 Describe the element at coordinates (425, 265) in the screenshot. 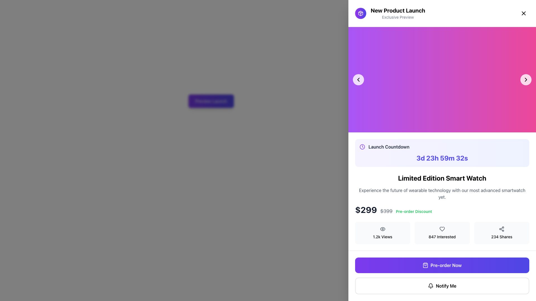

I see `the shopping bag icon located inside the 'Pre-order Now' button, positioned toward the left end of the button next to the text` at that location.